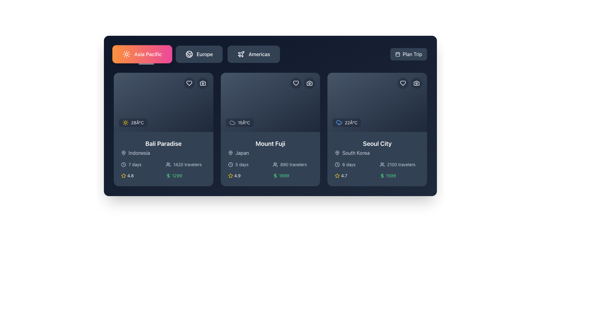 This screenshot has width=592, height=333. Describe the element at coordinates (189, 54) in the screenshot. I see `Circle element within the SVG graphic that represents the 'Europe' section of the navigation bar for design or code details` at that location.